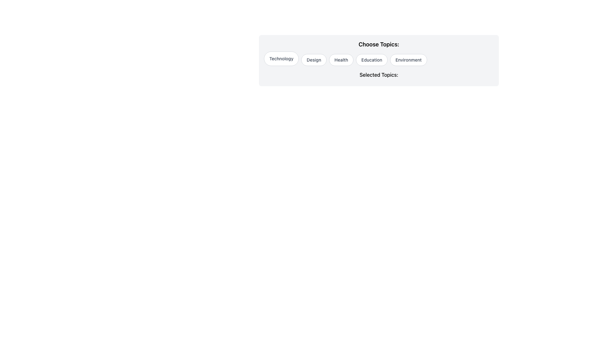  I want to click on the 'Health' pill-shaped button with a white background and gray text, located as the third button in the row under the 'Choose Topics' title, so click(341, 60).